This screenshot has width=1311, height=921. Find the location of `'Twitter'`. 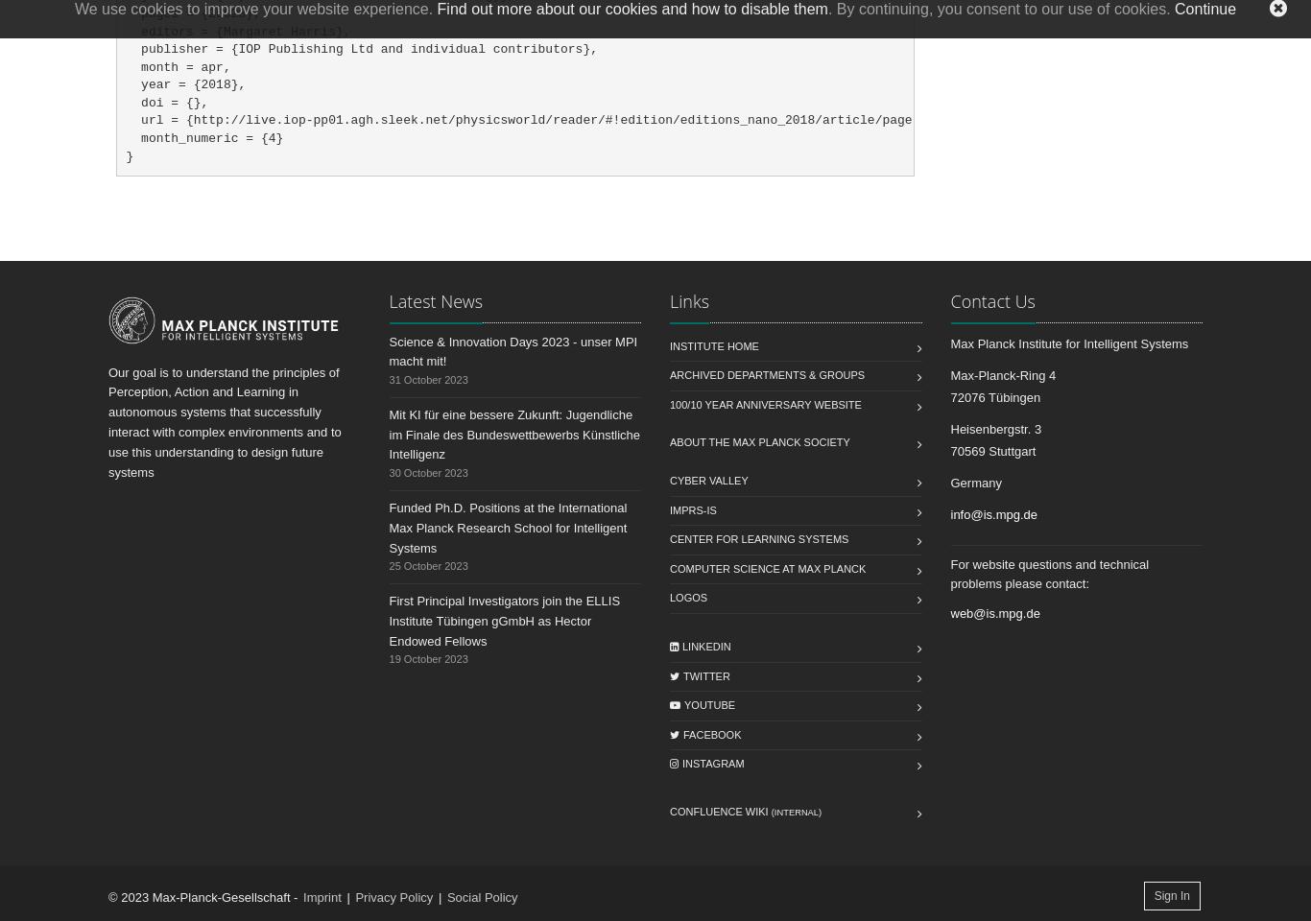

'Twitter' is located at coordinates (706, 674).